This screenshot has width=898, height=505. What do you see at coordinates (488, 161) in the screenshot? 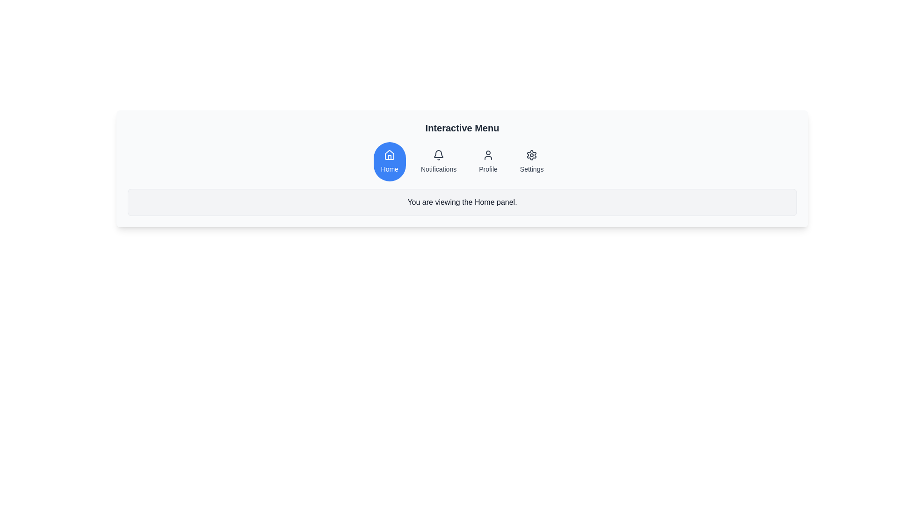
I see `the Profile button located in the third position from the left in the horizontal navigation bar` at bounding box center [488, 161].